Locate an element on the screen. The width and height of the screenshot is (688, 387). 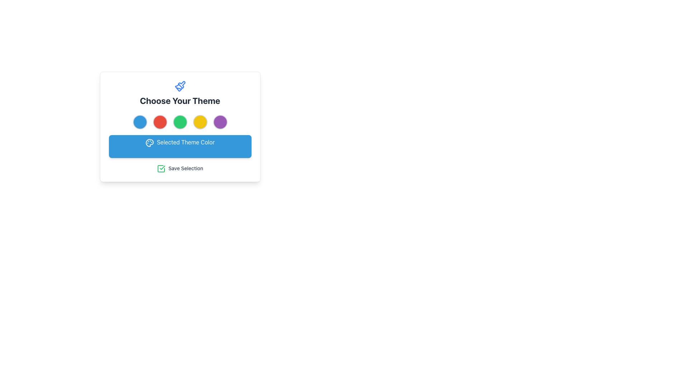
the blue paintbrush icon located above the 'Choose Your Theme' text, which is centered horizontally within the white card is located at coordinates (180, 86).